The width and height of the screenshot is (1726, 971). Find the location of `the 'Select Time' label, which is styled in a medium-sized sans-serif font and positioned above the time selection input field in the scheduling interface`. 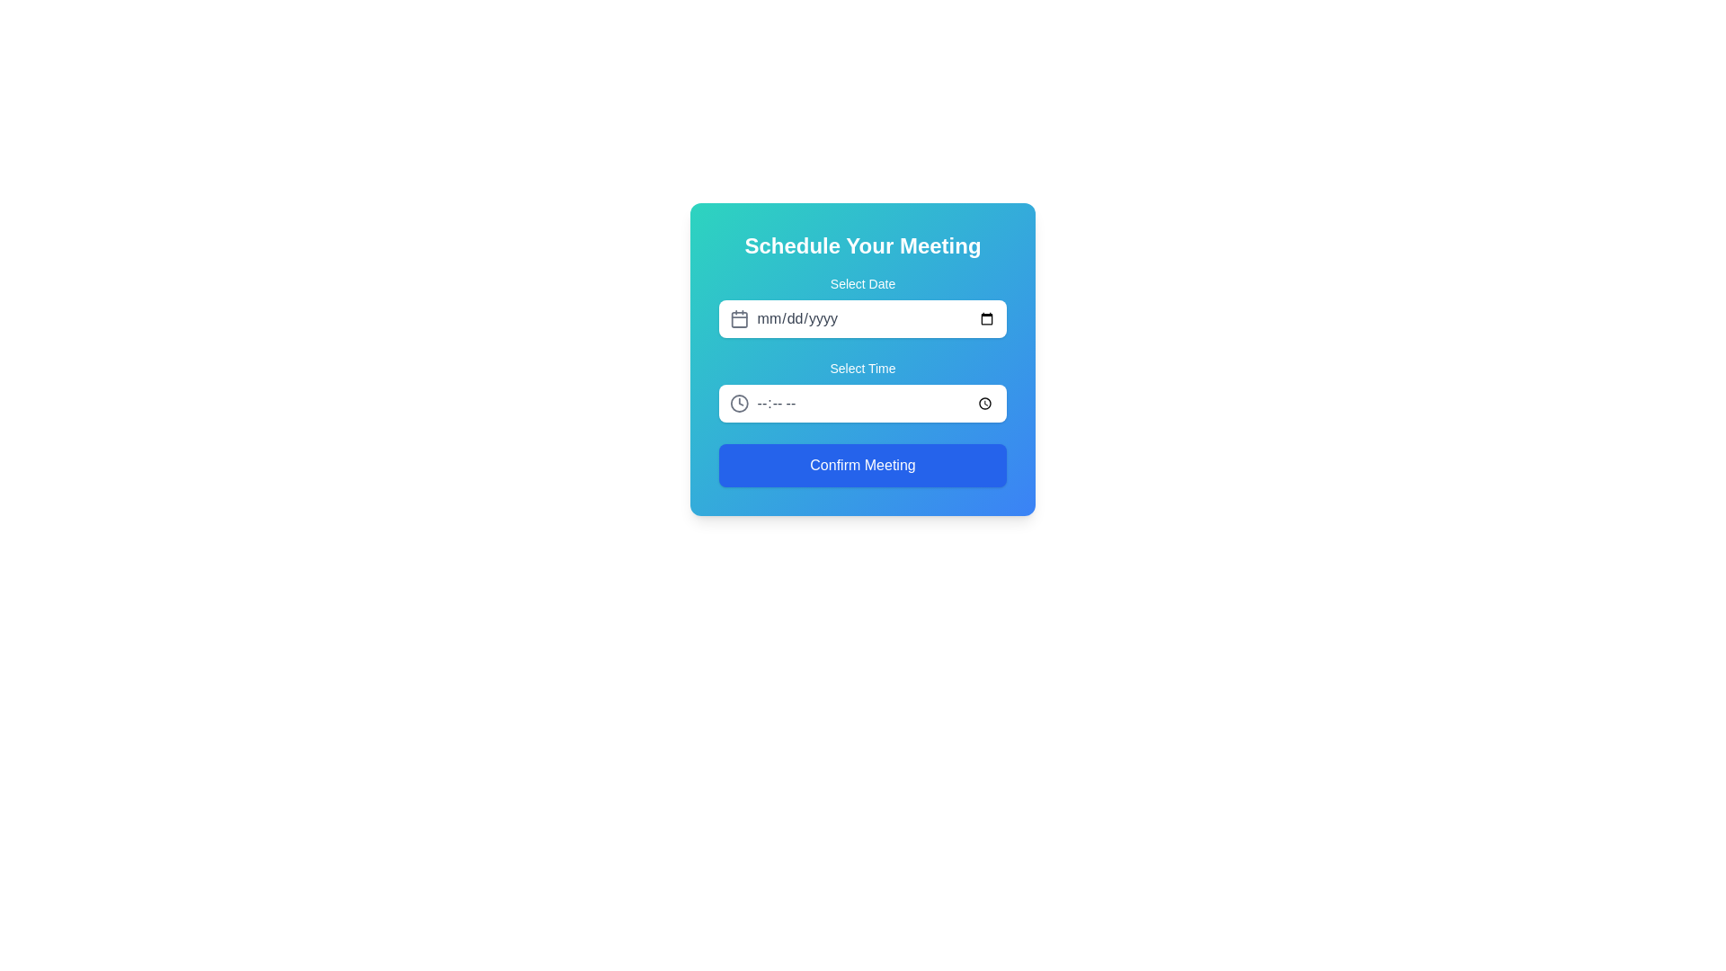

the 'Select Time' label, which is styled in a medium-sized sans-serif font and positioned above the time selection input field in the scheduling interface is located at coordinates (863, 367).